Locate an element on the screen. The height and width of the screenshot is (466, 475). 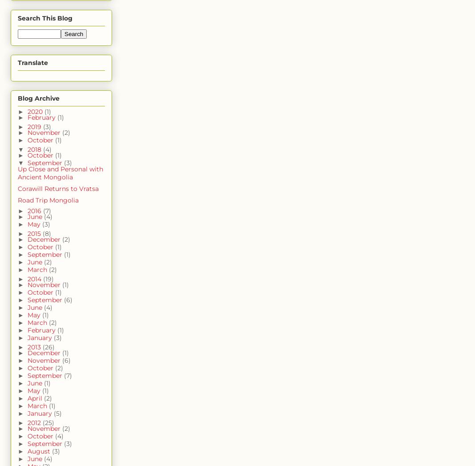
'Corawill Returns to Vratsa' is located at coordinates (58, 187).